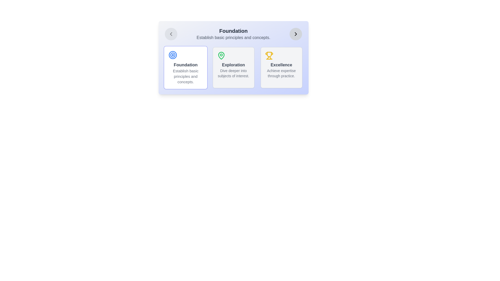  Describe the element at coordinates (233, 65) in the screenshot. I see `the title text label in the middle card, which serves as a reference for the card's theme and is positioned below a map pin icon` at that location.